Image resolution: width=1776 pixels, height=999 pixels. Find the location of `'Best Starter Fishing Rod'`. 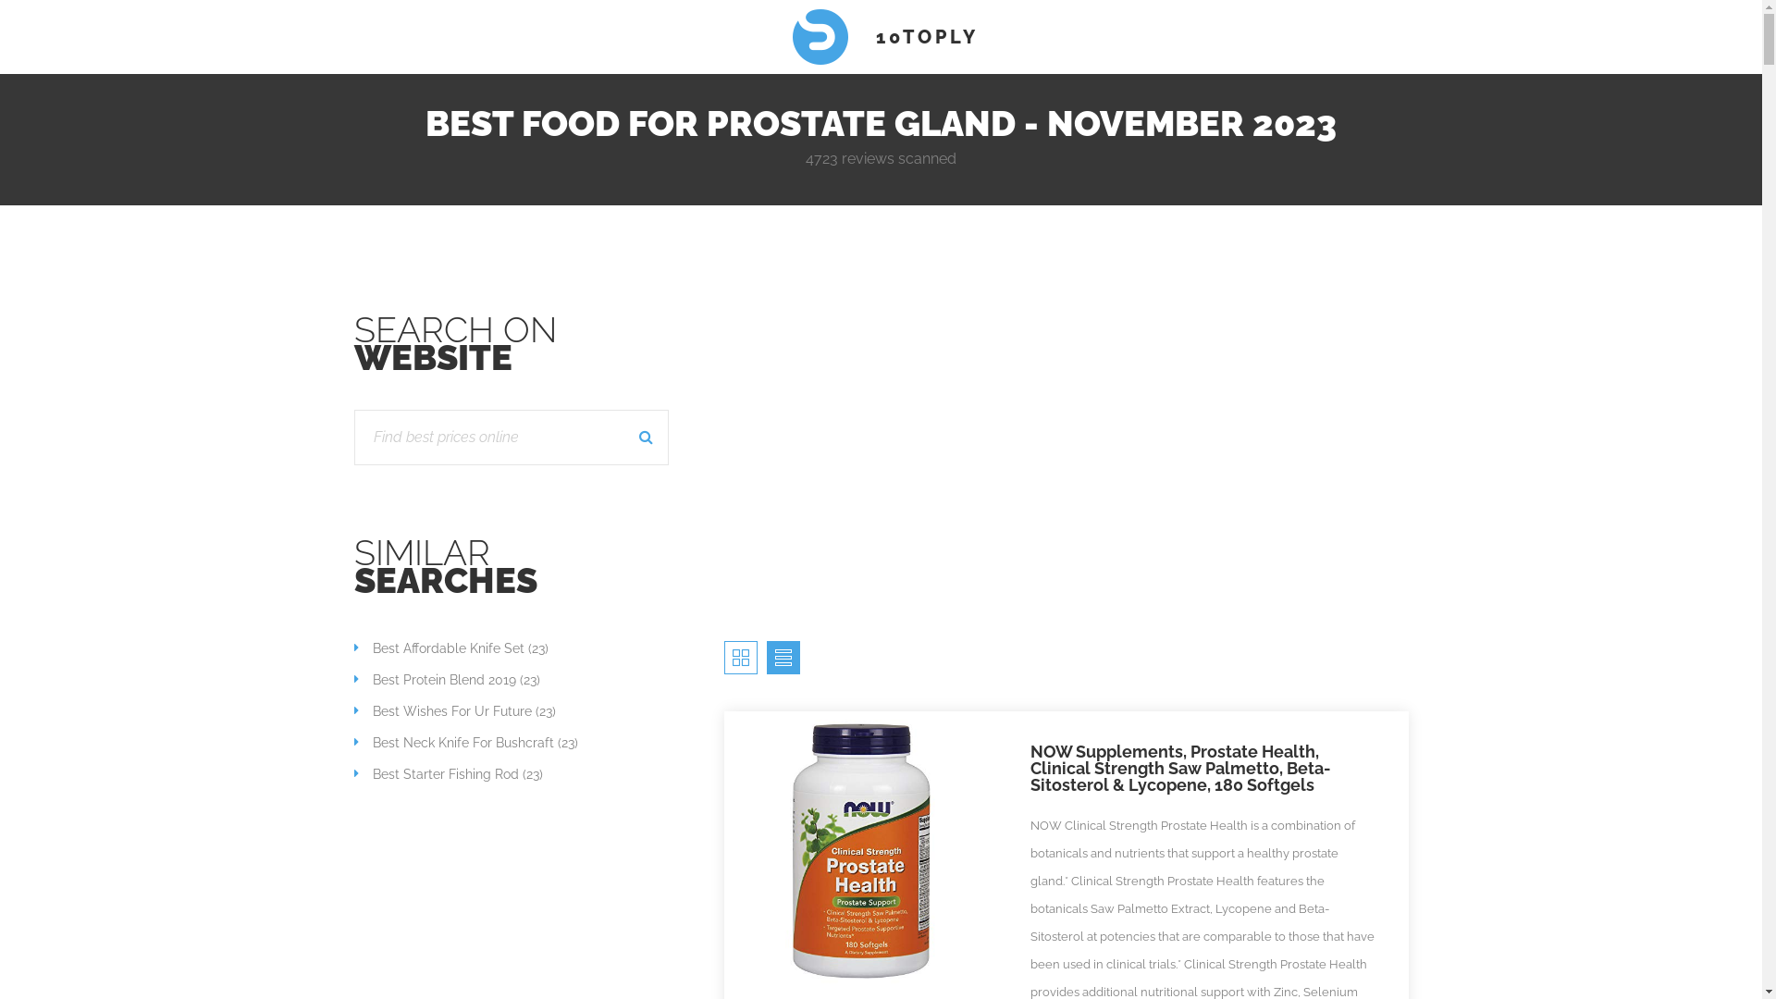

'Best Starter Fishing Rod' is located at coordinates (353, 774).